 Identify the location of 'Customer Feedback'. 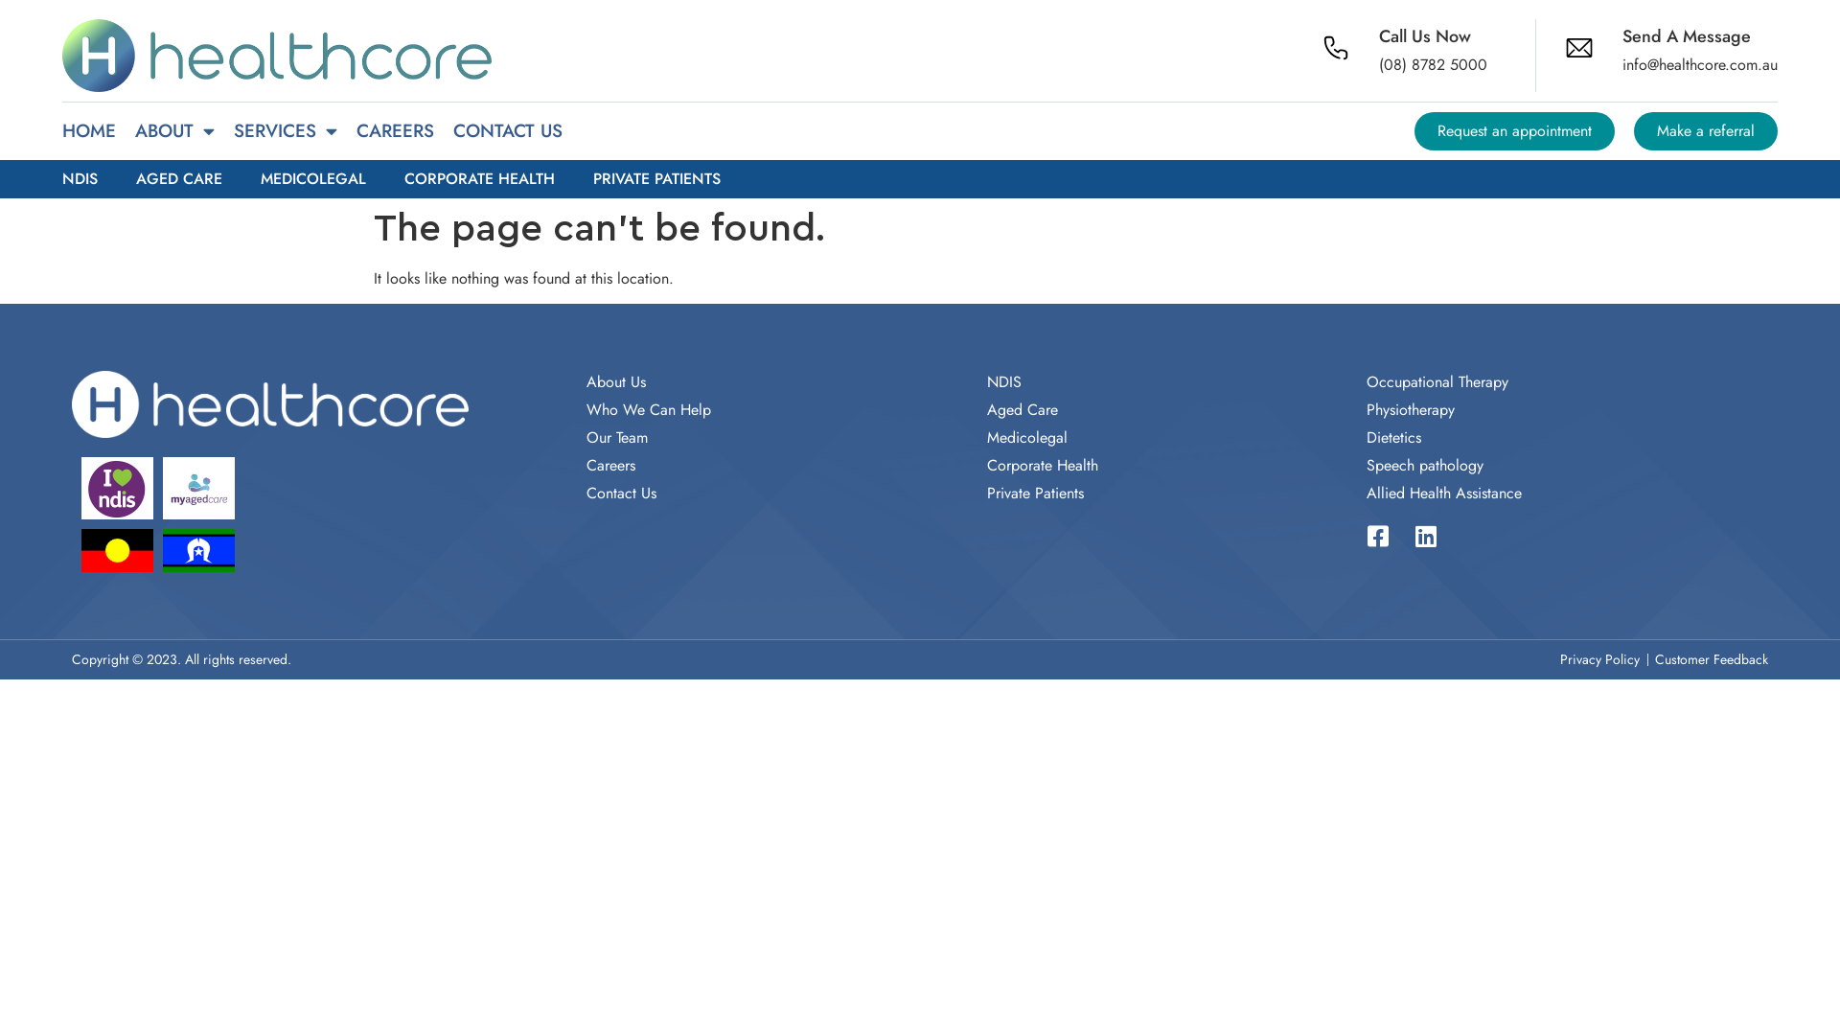
(1711, 658).